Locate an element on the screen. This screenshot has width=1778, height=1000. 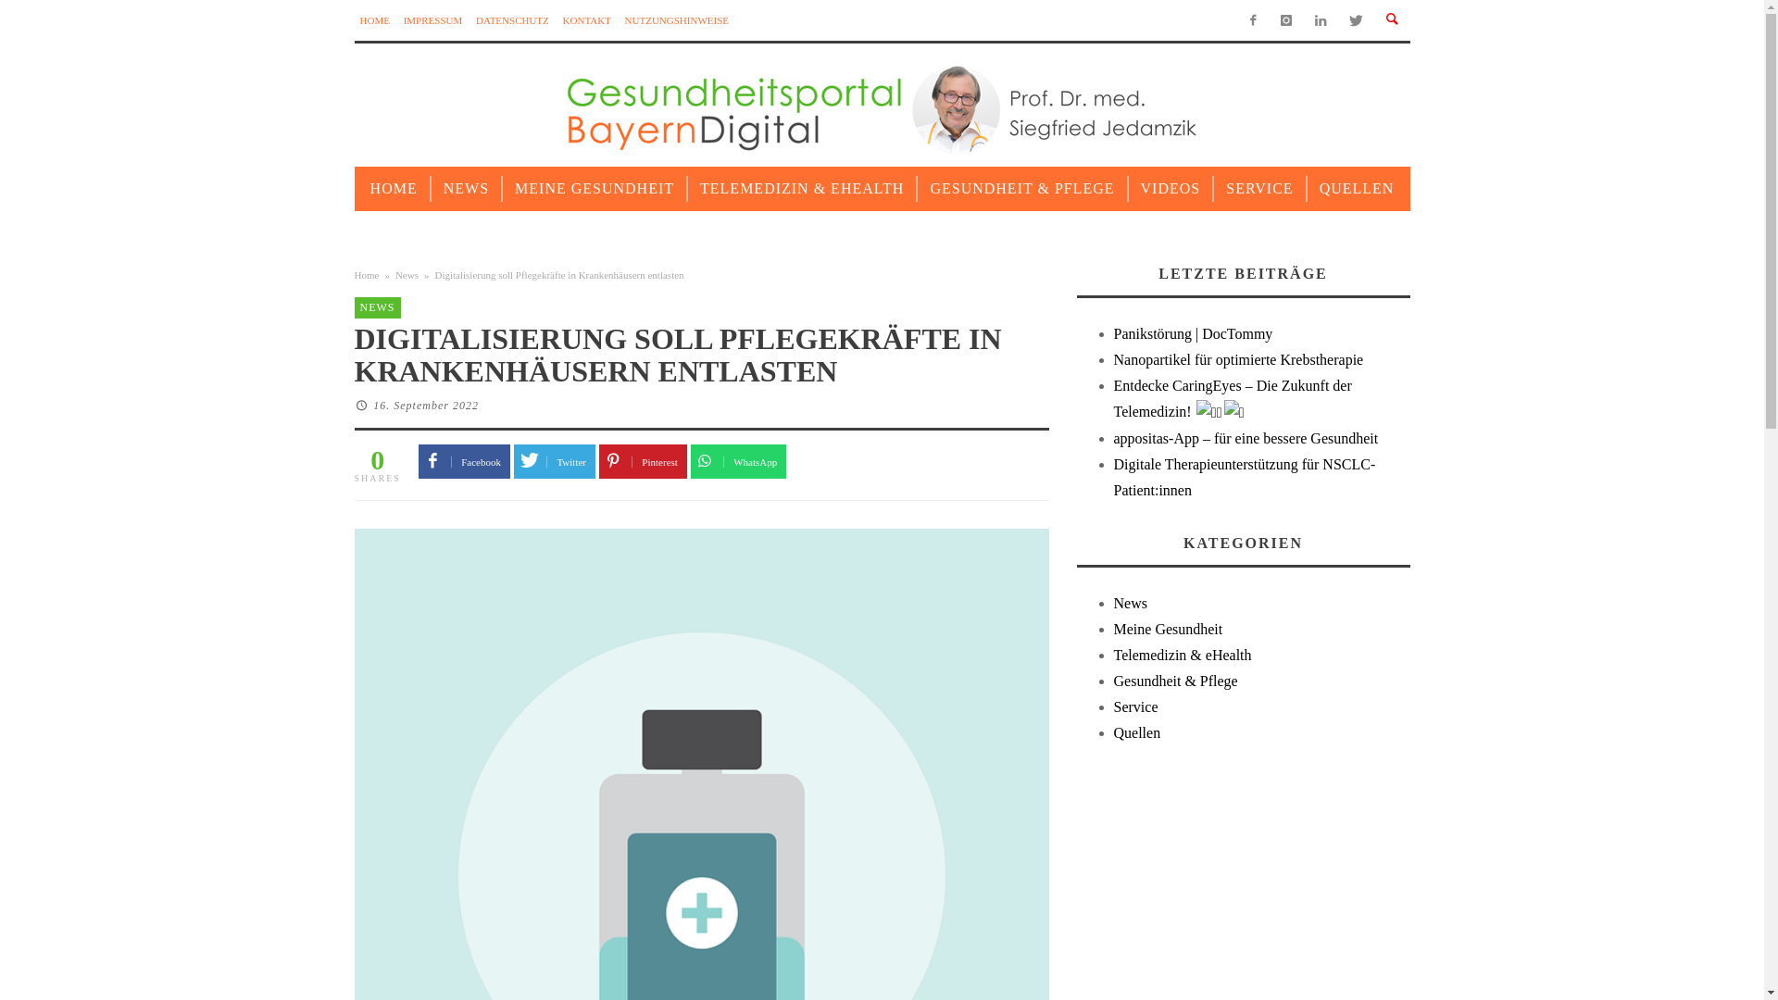
'News' is located at coordinates (406, 275).